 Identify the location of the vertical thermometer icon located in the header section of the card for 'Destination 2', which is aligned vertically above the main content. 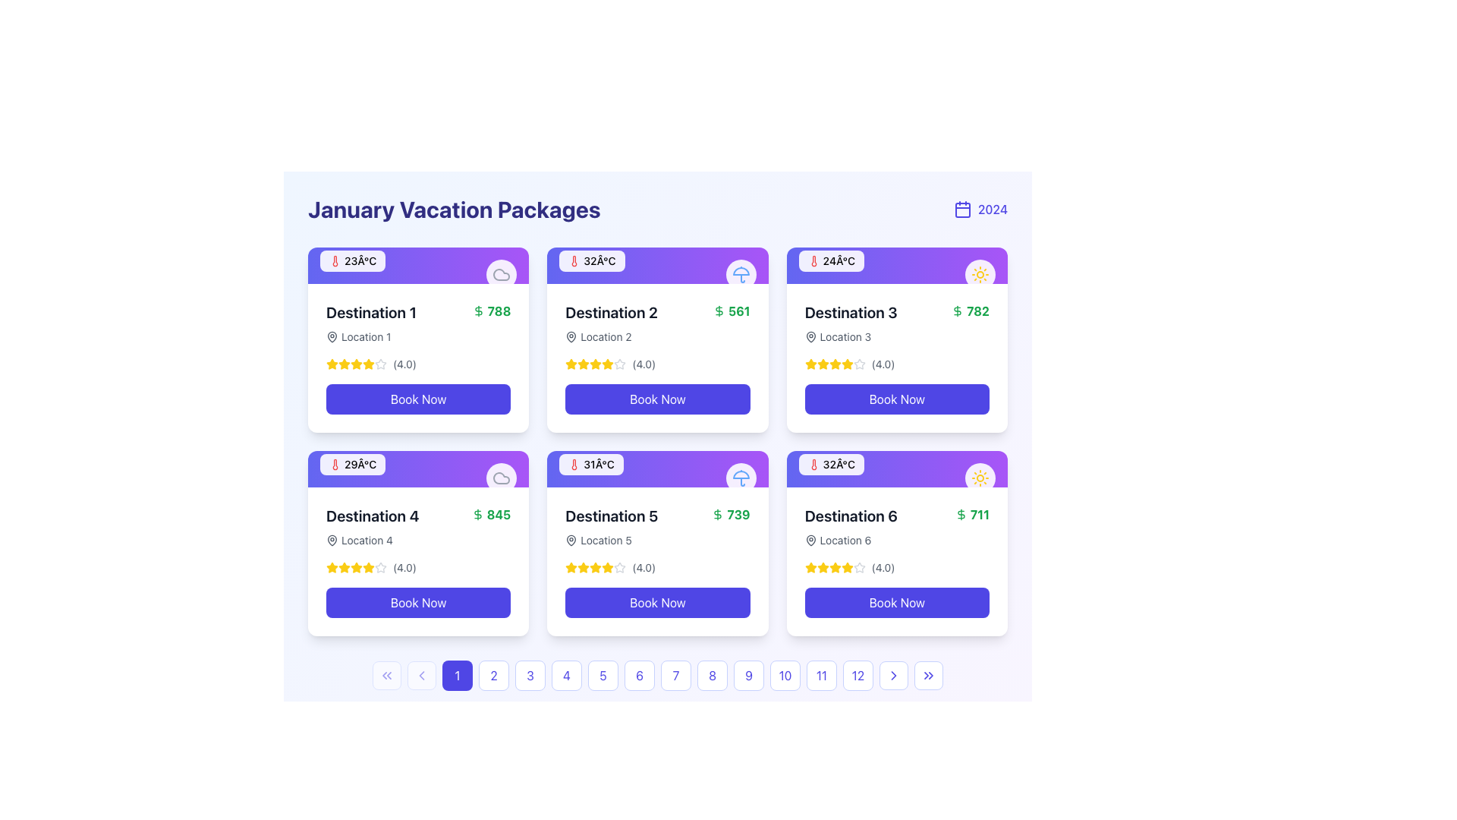
(574, 260).